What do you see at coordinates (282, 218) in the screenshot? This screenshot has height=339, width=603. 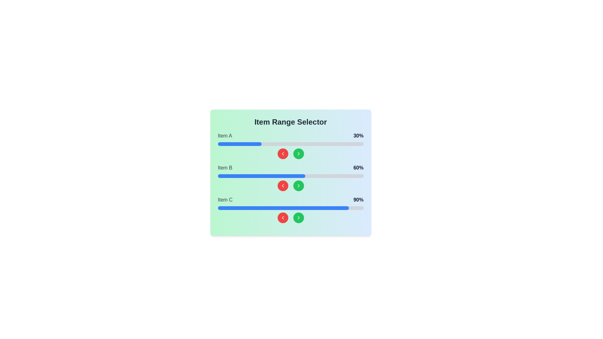 I see `the decrement button located to the right of the 'Item C' progress bar to decrease the associated value` at bounding box center [282, 218].